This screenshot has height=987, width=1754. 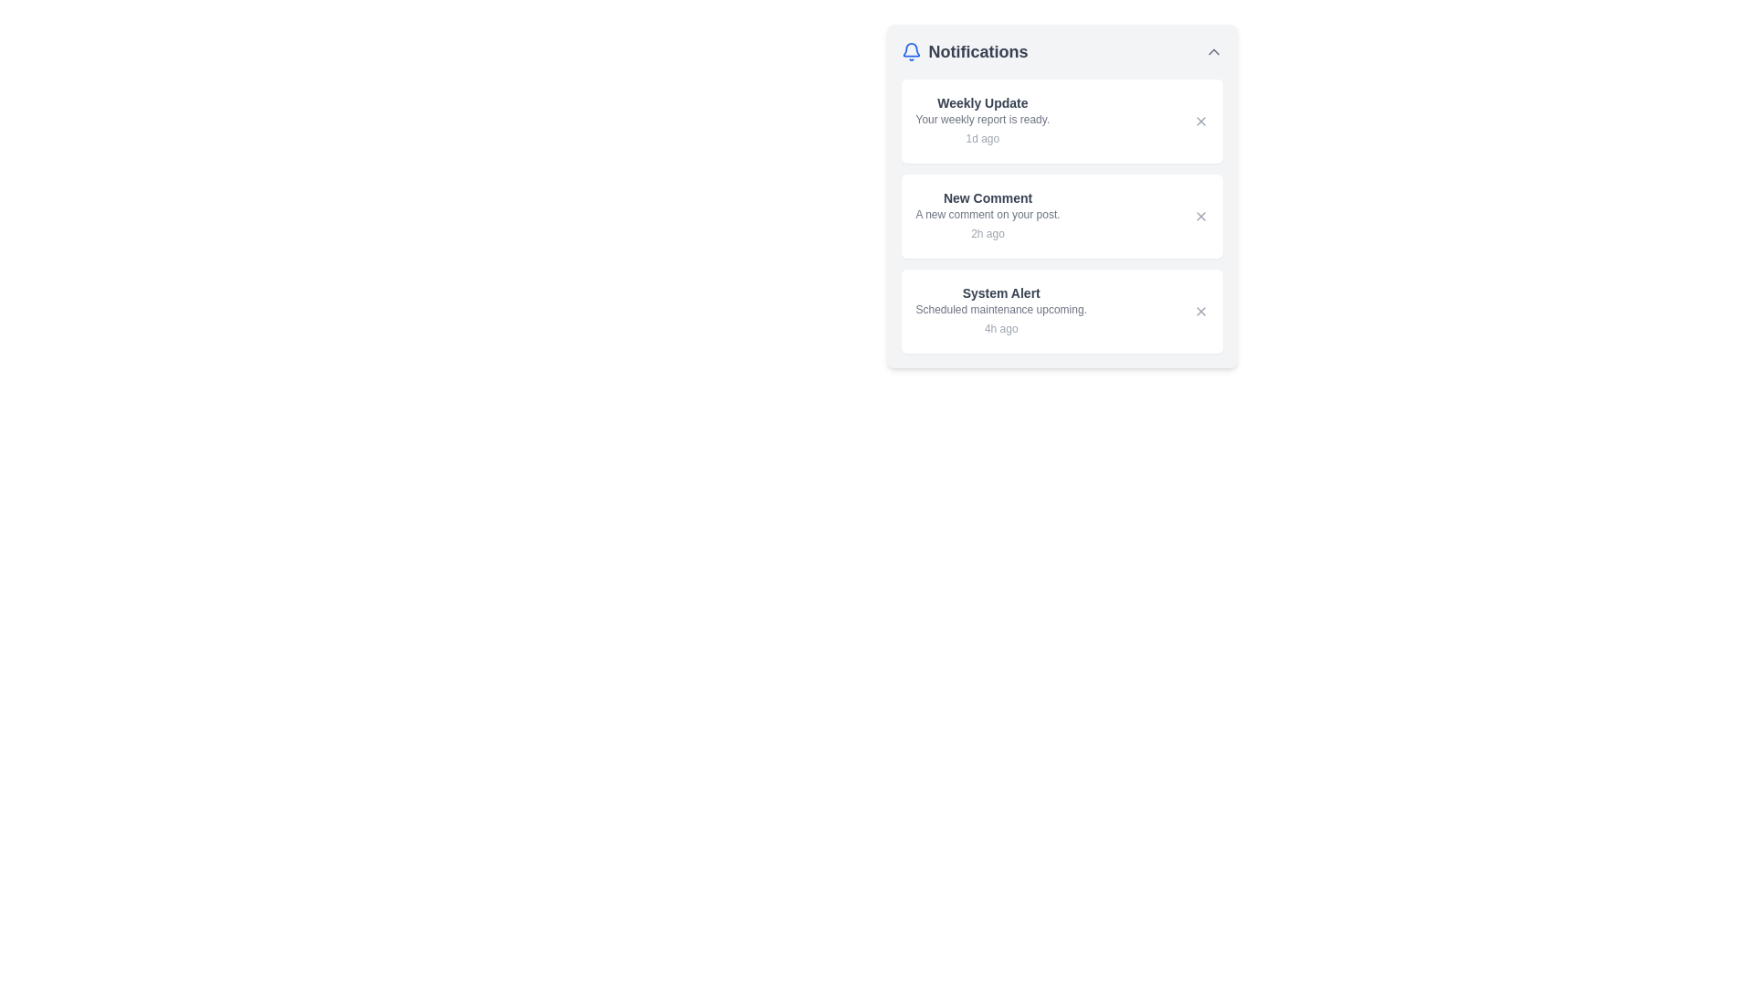 I want to click on the text label displaying 'Weekly Update', so click(x=981, y=102).